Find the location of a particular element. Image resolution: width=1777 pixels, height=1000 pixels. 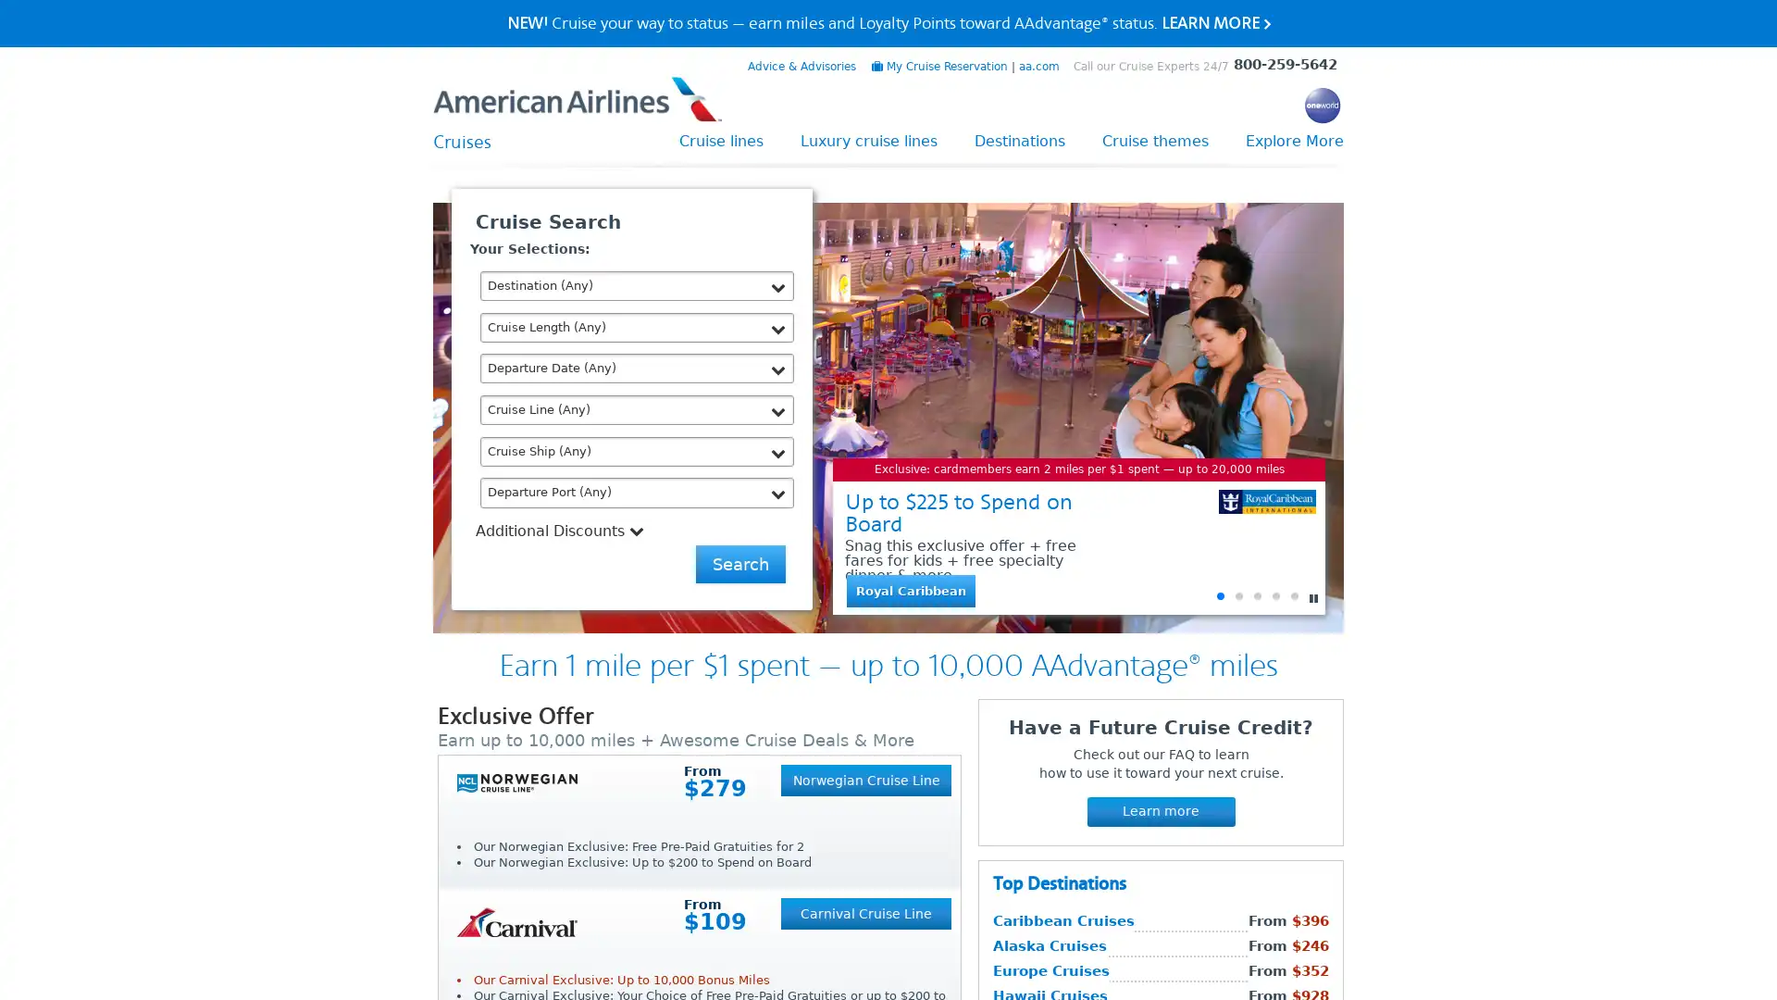

Luxury cruise lines is located at coordinates (868, 139).